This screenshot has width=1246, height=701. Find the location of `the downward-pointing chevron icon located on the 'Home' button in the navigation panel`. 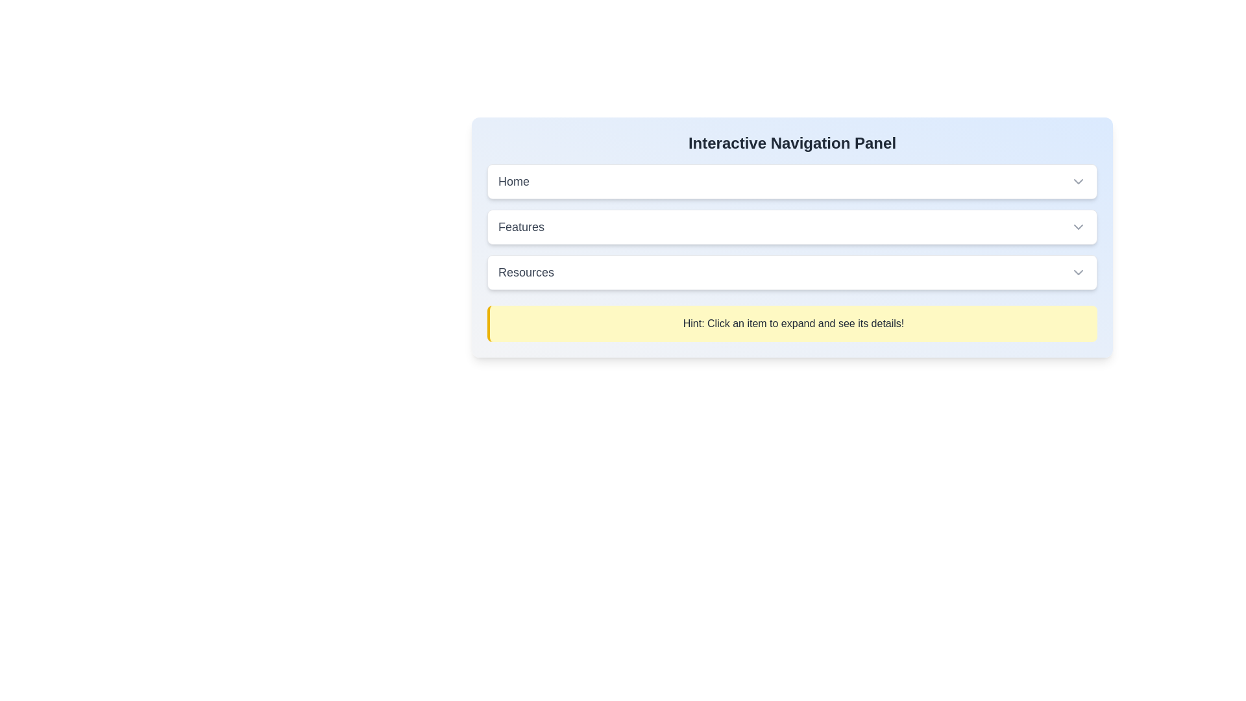

the downward-pointing chevron icon located on the 'Home' button in the navigation panel is located at coordinates (1078, 182).